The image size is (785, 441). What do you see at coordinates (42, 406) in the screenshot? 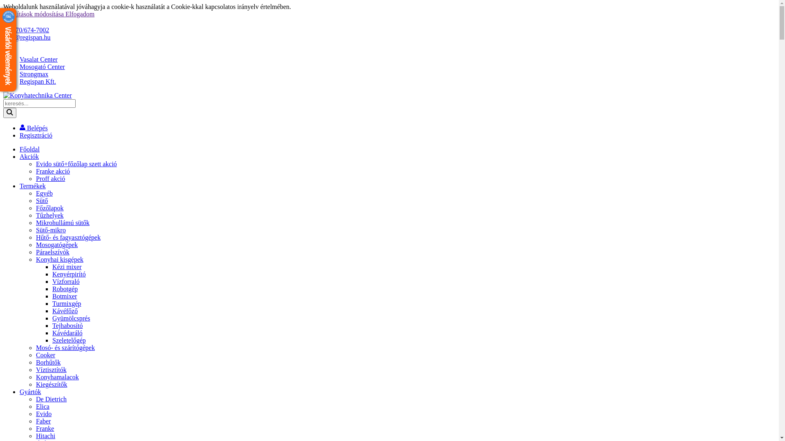
I see `'Elica'` at bounding box center [42, 406].